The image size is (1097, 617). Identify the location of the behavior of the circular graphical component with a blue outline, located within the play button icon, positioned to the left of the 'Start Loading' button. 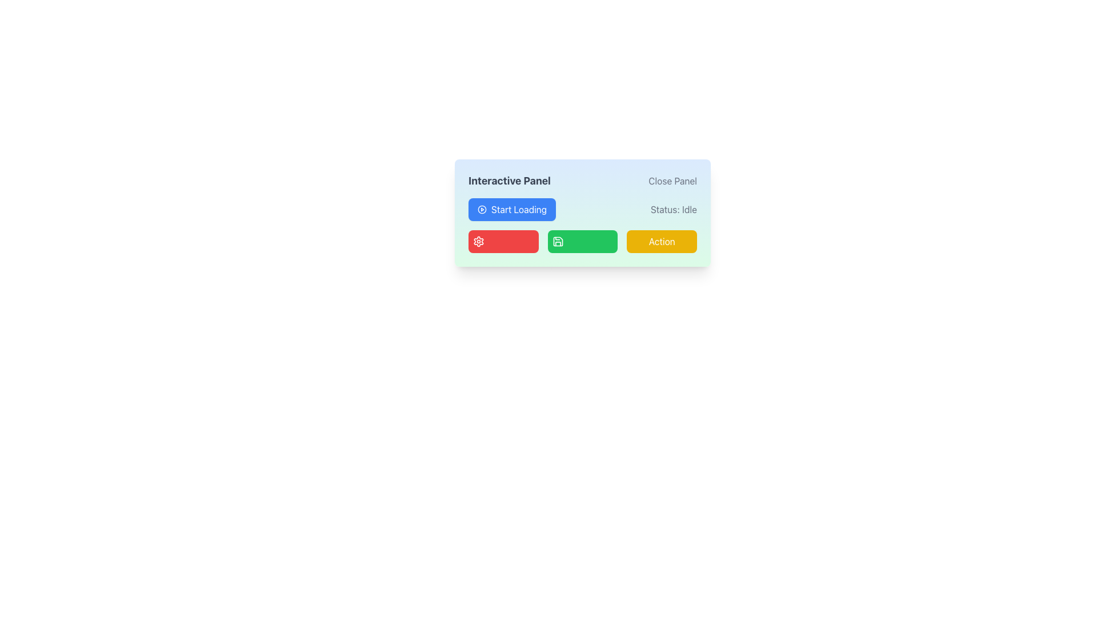
(482, 209).